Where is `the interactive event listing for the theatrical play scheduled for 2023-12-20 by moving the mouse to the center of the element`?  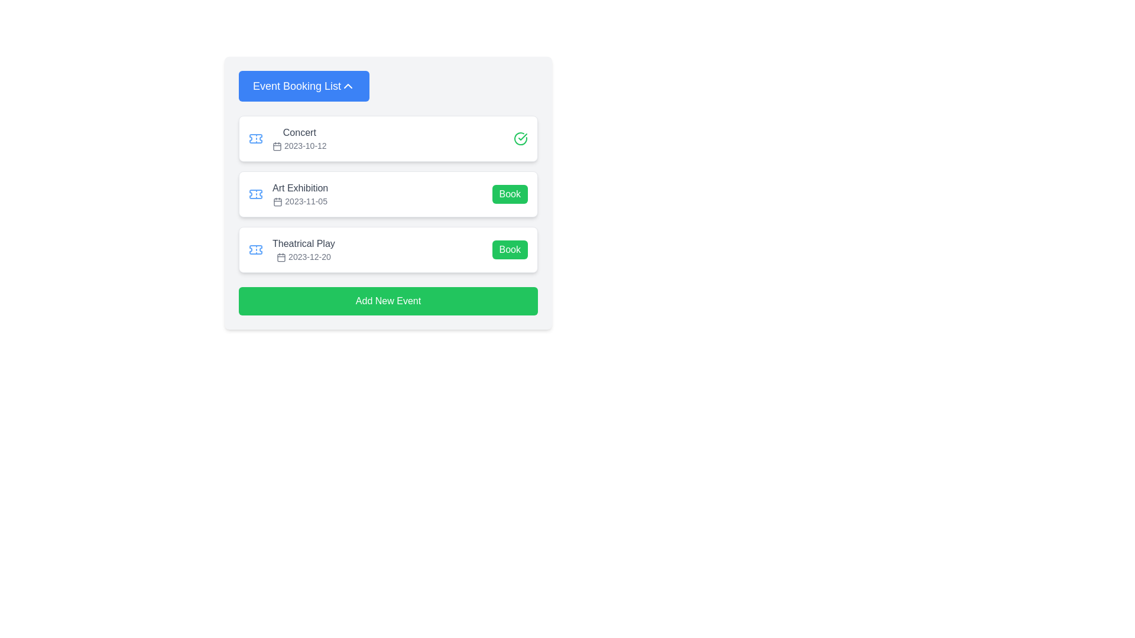
the interactive event listing for the theatrical play scheduled for 2023-12-20 by moving the mouse to the center of the element is located at coordinates (388, 249).